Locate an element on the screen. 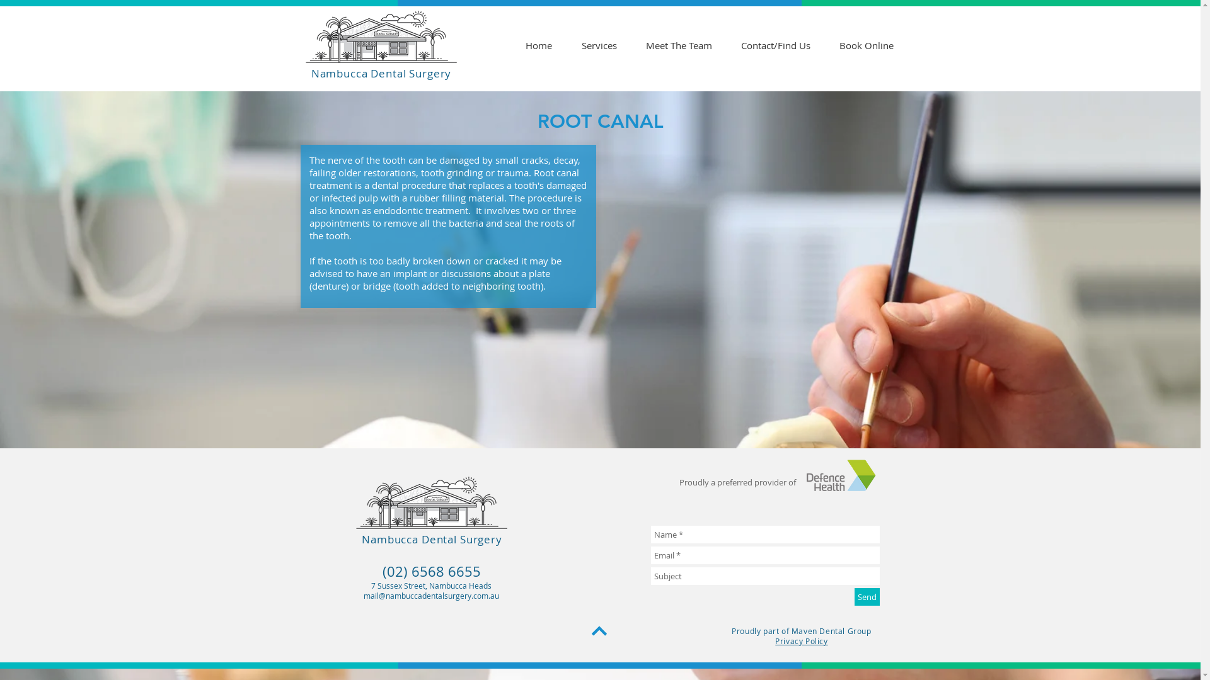 This screenshot has width=1210, height=680. 'mail@nambuccadentalsurgery.com.au' is located at coordinates (431, 595).